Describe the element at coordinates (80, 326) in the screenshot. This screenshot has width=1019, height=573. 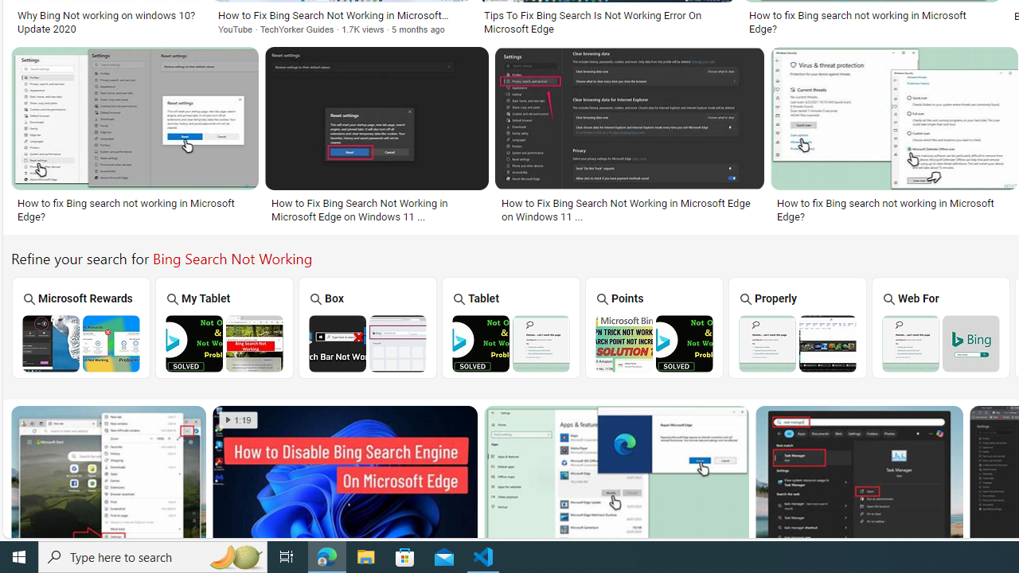
I see `'Microsoft Rewards'` at that location.